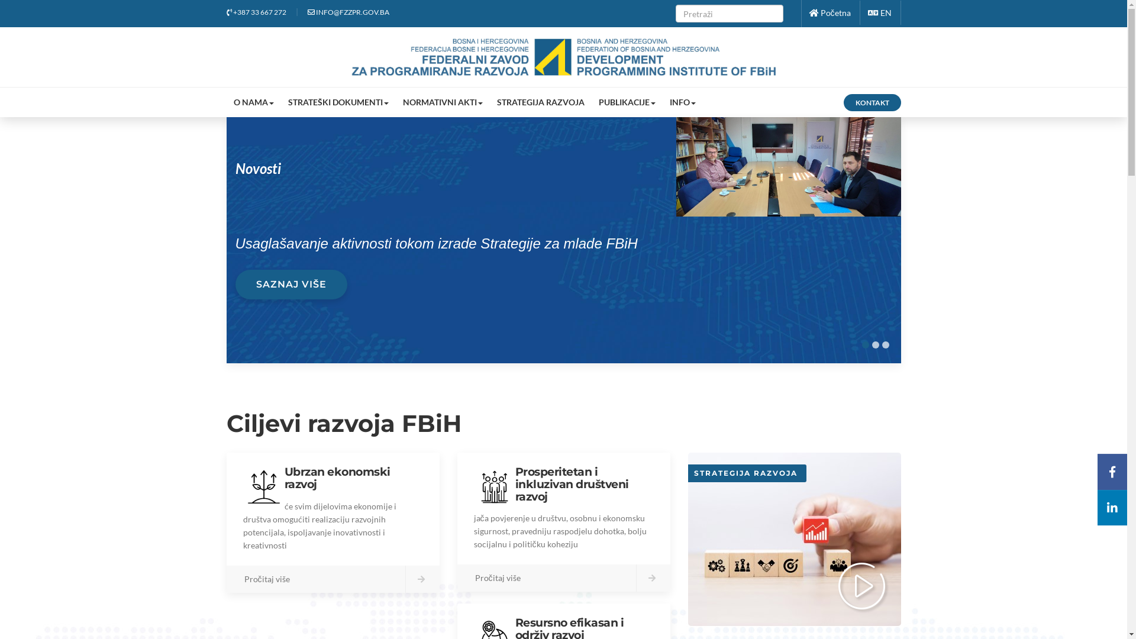  What do you see at coordinates (255, 12) in the screenshot?
I see `'+387 33 667 272'` at bounding box center [255, 12].